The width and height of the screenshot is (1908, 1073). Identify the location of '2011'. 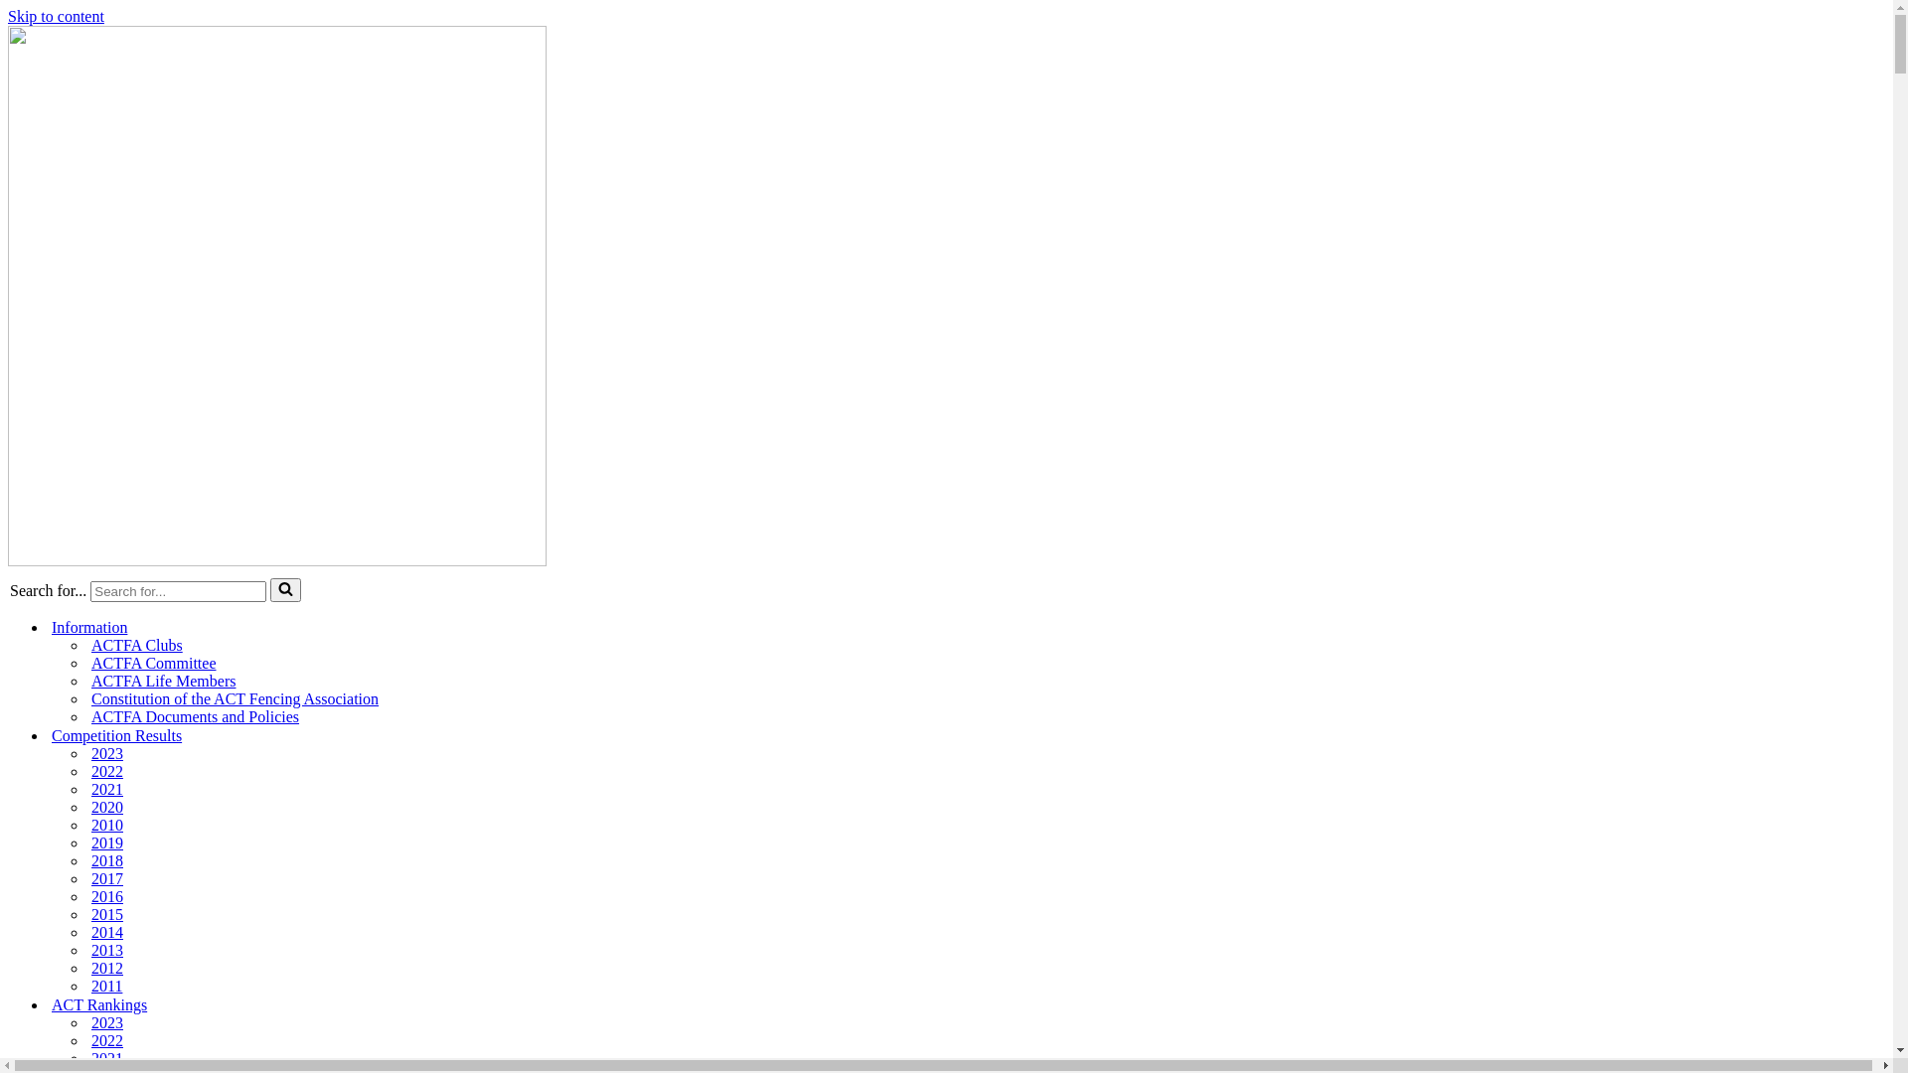
(105, 986).